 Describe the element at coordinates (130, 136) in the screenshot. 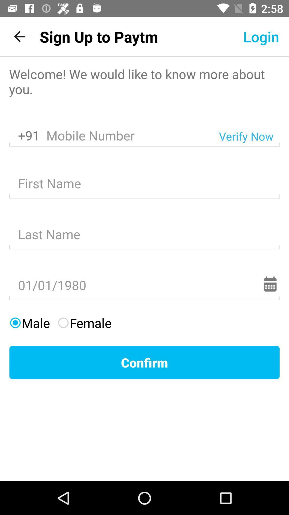

I see `the icon next to the +91 icon` at that location.